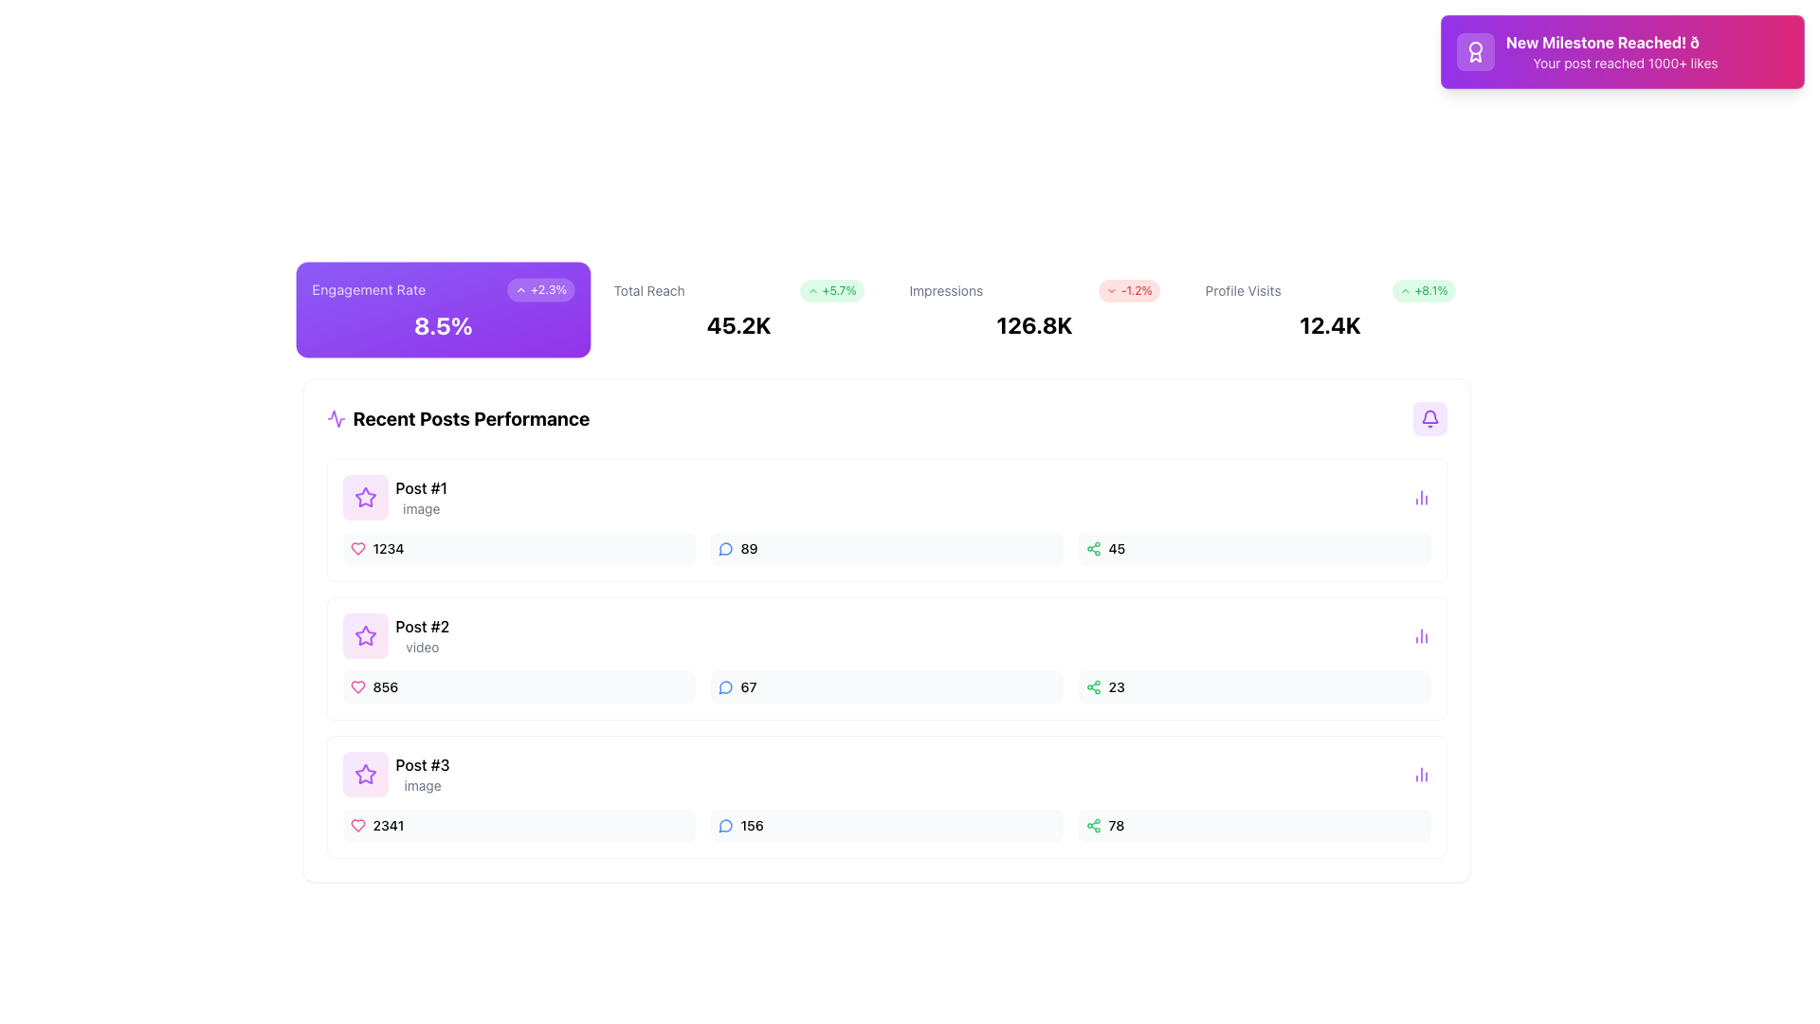 This screenshot has width=1820, height=1024. Describe the element at coordinates (1474, 46) in the screenshot. I see `central circular detail of the award icon located in the top-right corner of the interface, adjacent to the 'New Milestone Reached!' notification banner` at that location.